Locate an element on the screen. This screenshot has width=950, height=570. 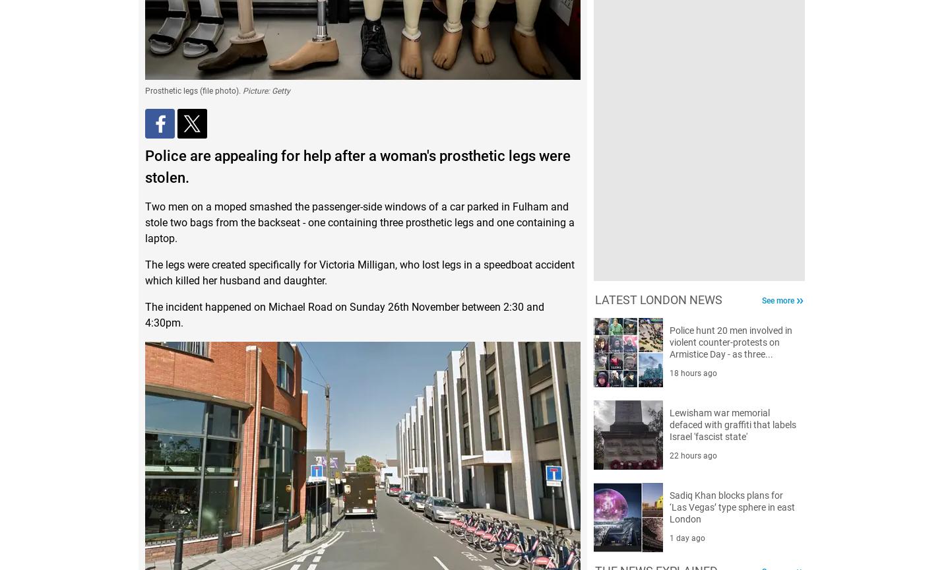
'Picture: 
Getty' is located at coordinates (266, 90).